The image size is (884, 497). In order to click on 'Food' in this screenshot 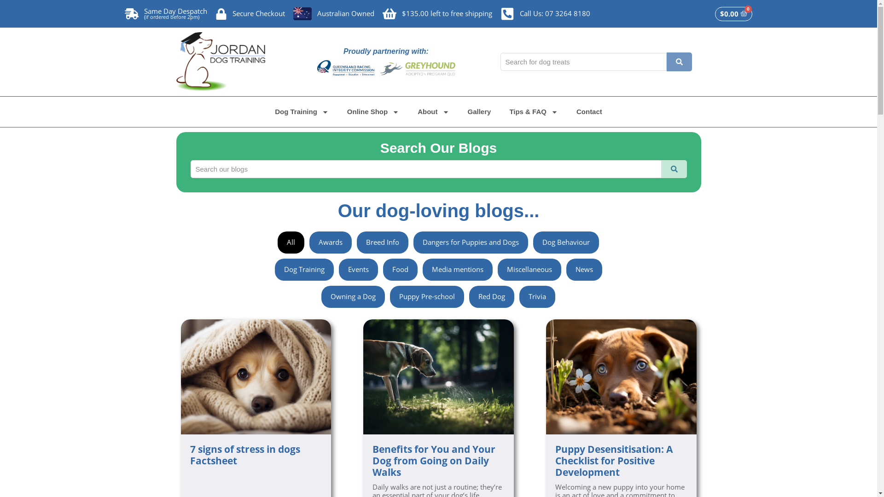, I will do `click(400, 269)`.